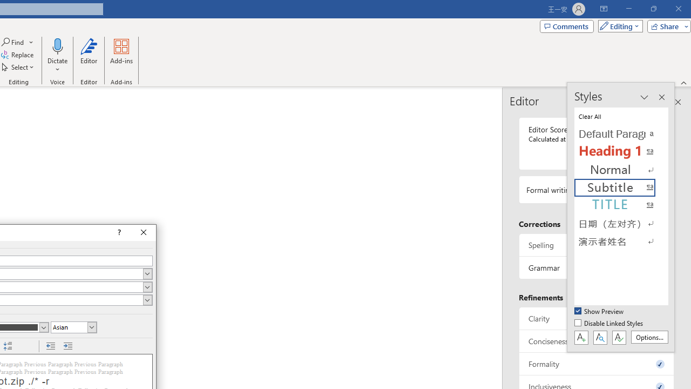 This screenshot has height=389, width=691. What do you see at coordinates (619, 337) in the screenshot?
I see `'Class: NetUIButton'` at bounding box center [619, 337].